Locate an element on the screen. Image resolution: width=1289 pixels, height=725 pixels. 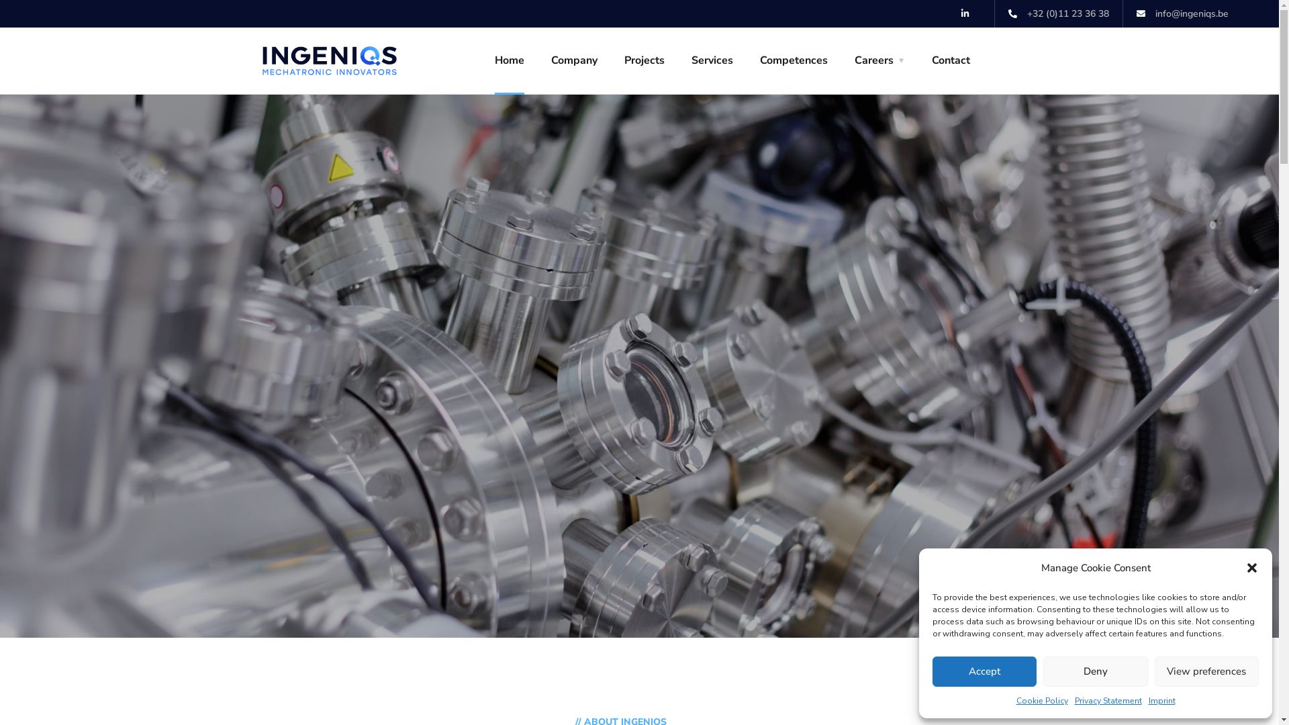
'info@ingeniqs.be' is located at coordinates (1182, 13).